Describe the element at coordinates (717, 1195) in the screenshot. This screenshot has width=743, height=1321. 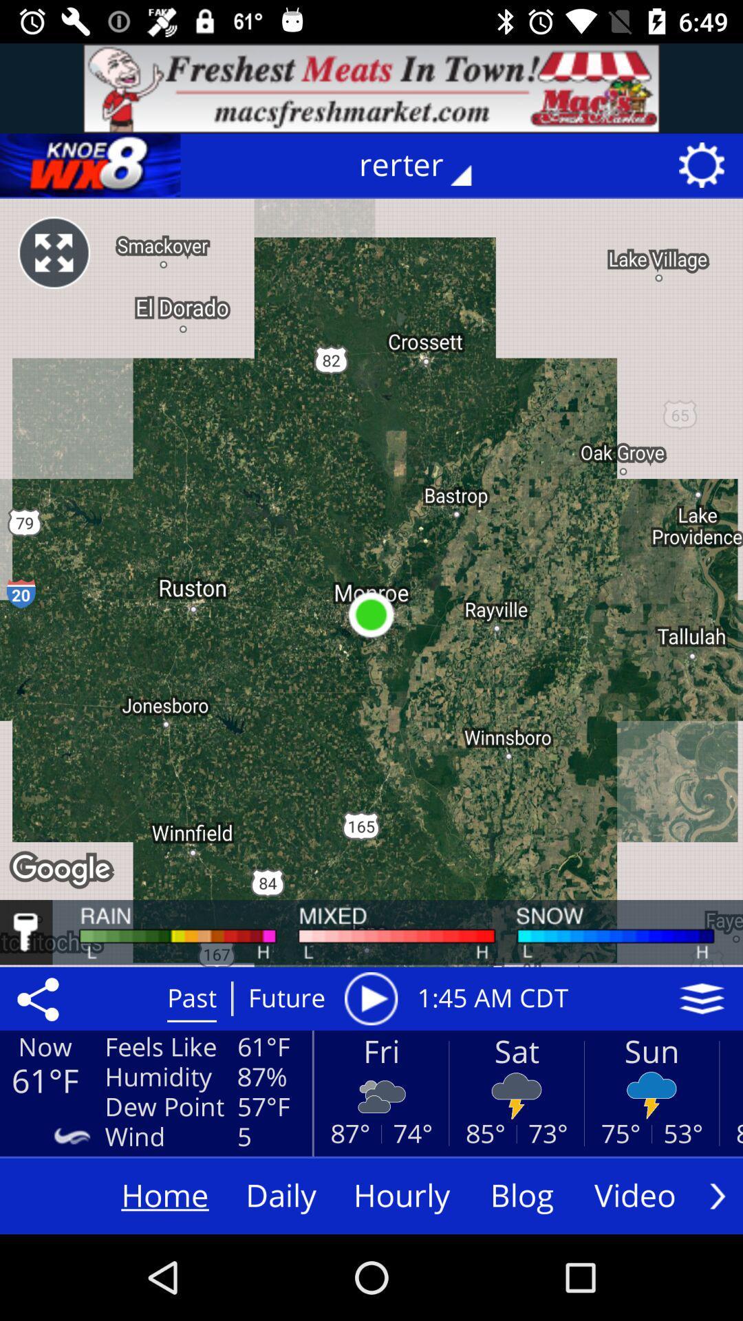
I see `the arrow_forward icon` at that location.